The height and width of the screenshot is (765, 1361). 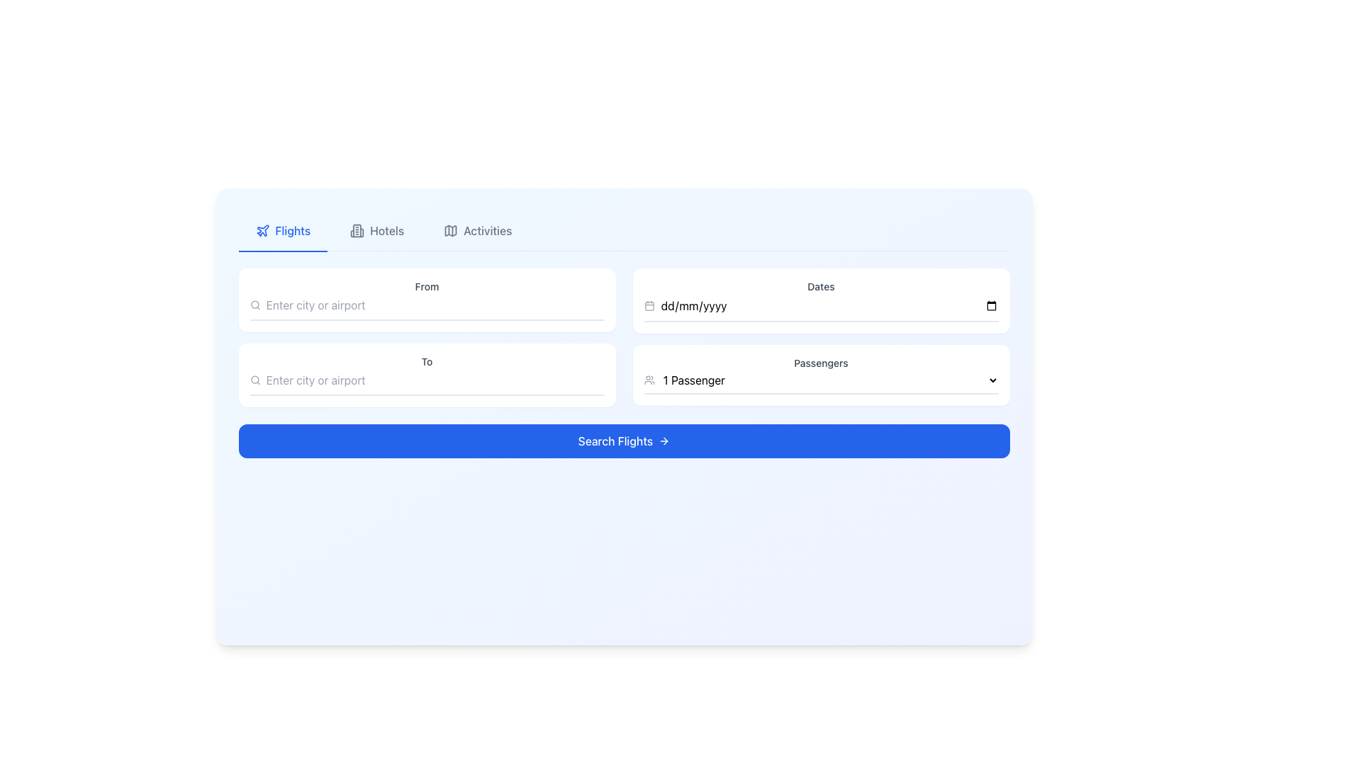 I want to click on the right-pointing arrow icon within the SVG graphic, which is located to the right of the 'Search Flights' label in the blue button at the lower center of the interface, so click(x=665, y=441).